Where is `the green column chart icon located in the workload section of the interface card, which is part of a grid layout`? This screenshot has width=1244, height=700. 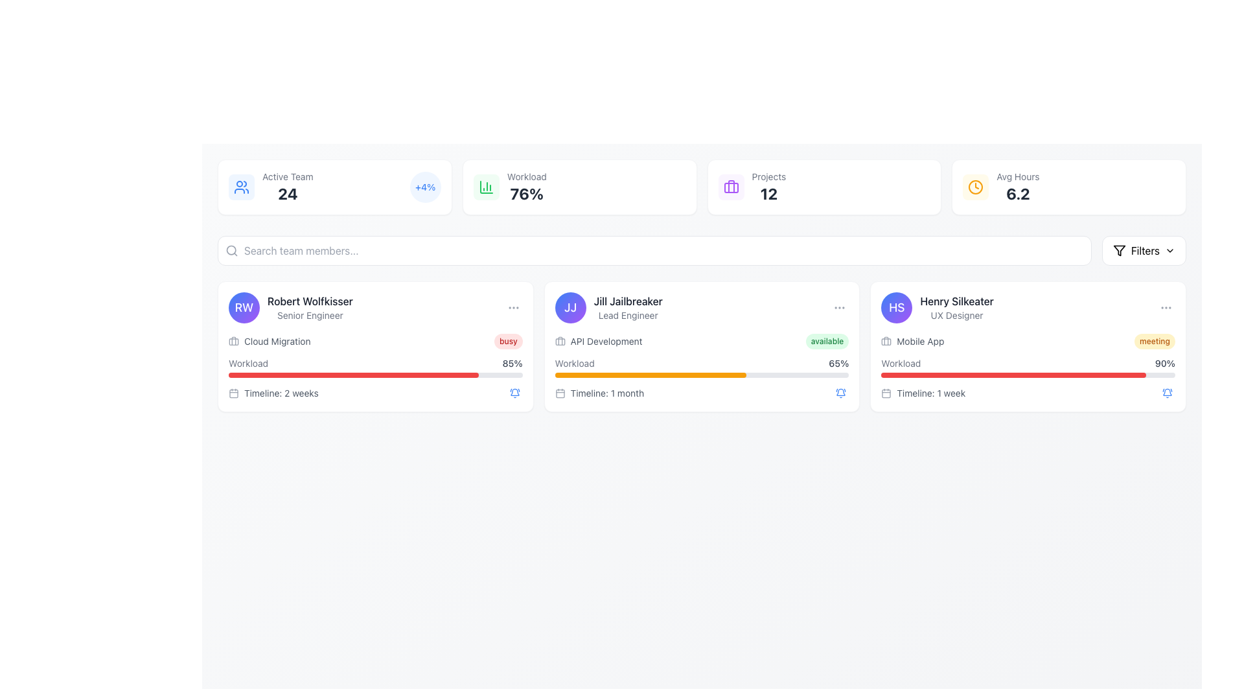
the green column chart icon located in the workload section of the interface card, which is part of a grid layout is located at coordinates (485, 187).